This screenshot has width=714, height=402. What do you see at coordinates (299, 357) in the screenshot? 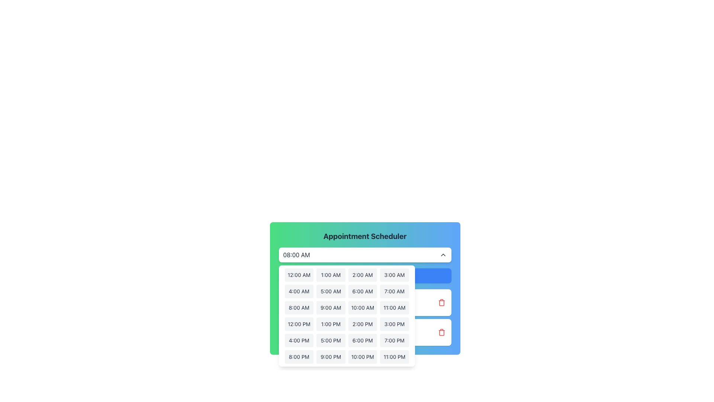
I see `the selectable time option button for '8:00 PM' located in the first column of the last row in the dropdown time selector` at bounding box center [299, 357].